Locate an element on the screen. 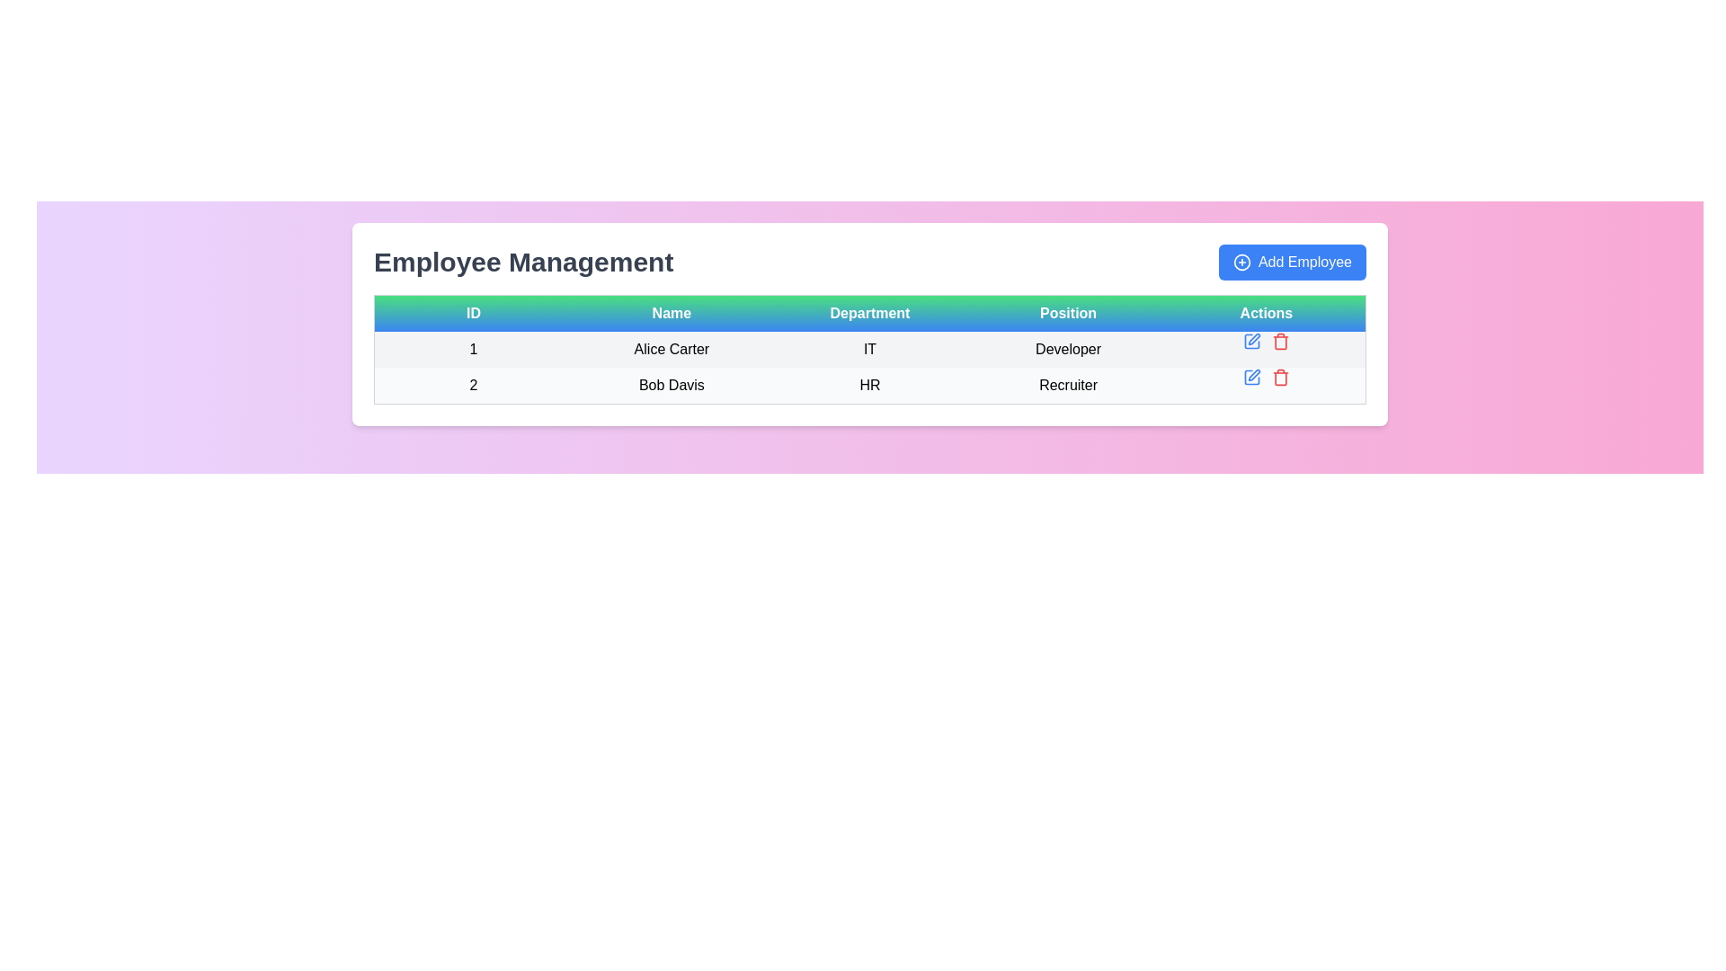 The width and height of the screenshot is (1726, 971). the delete icon located in the 'Actions' column of the second row, aligned with the 'Bob Davis' row is located at coordinates (1280, 378).